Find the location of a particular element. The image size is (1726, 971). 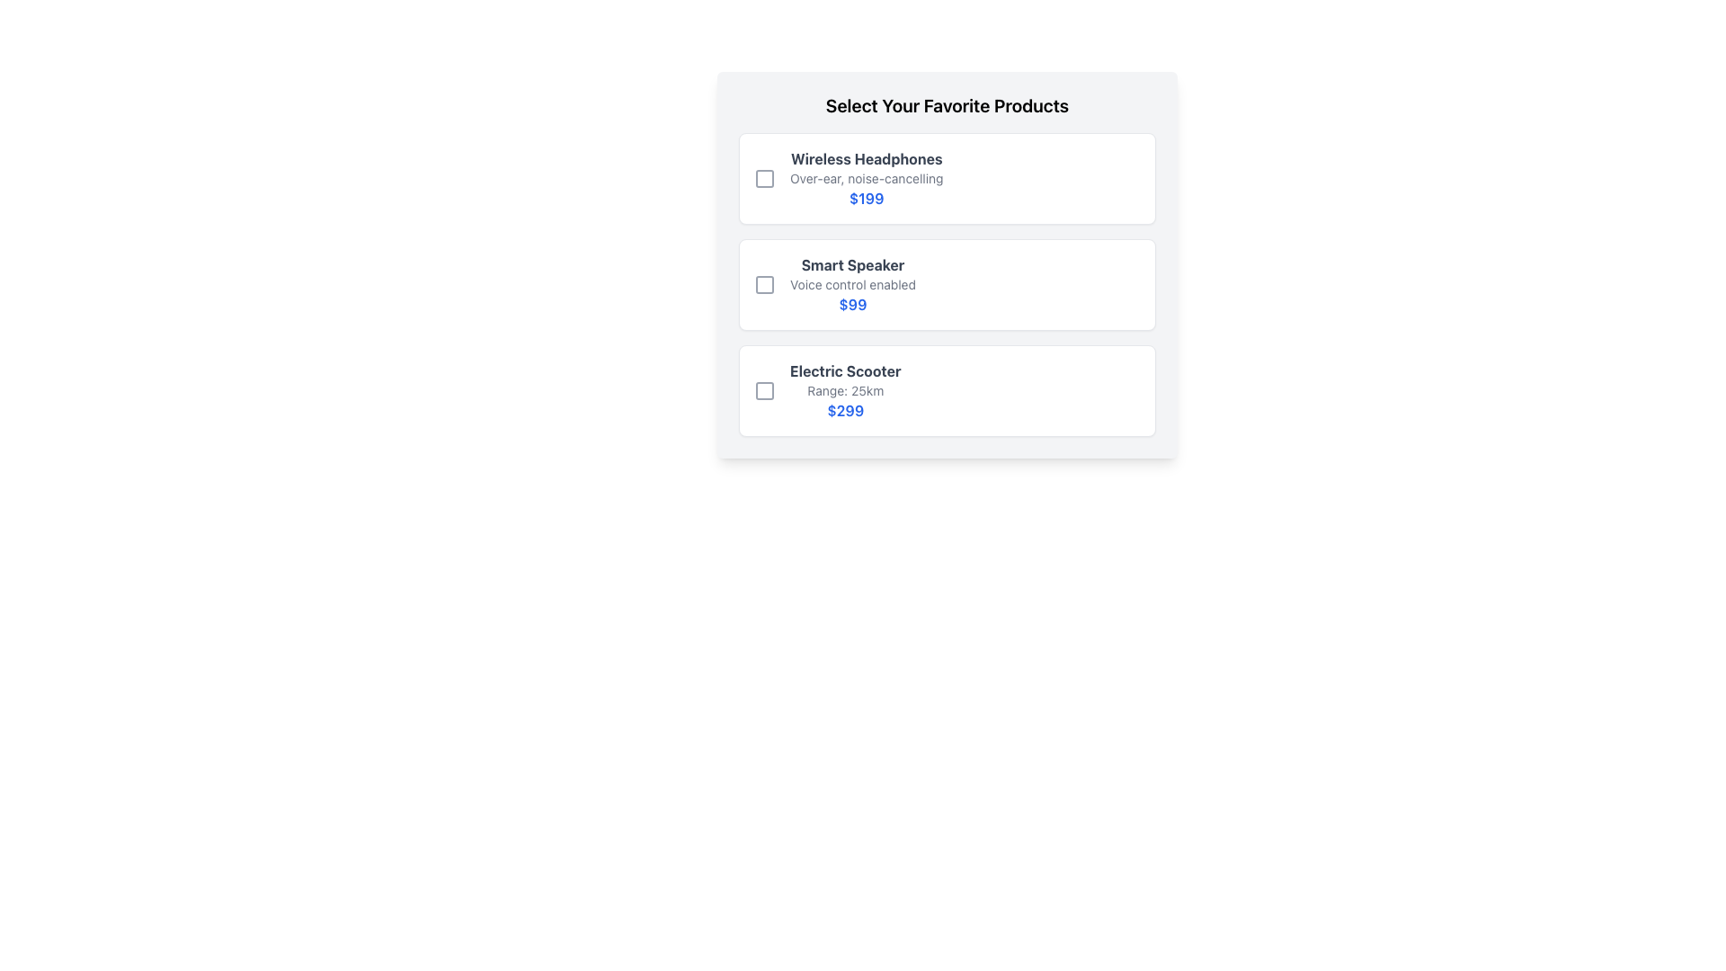

the blue, bold text label displaying the price "$199" located underneath the description text "Over-ear, noise-cancelling" in the first product card of the "Wireless Headphones" product list is located at coordinates (867, 198).